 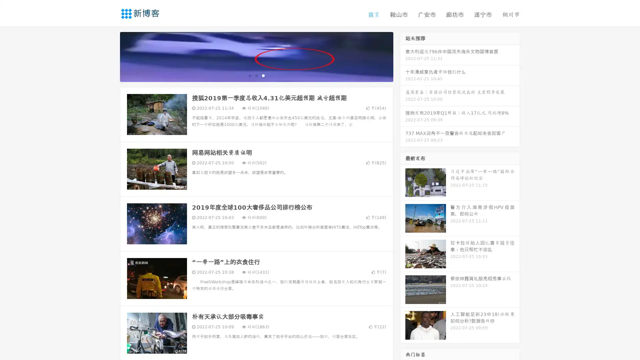 I want to click on Go to slide 2, so click(x=256, y=75).